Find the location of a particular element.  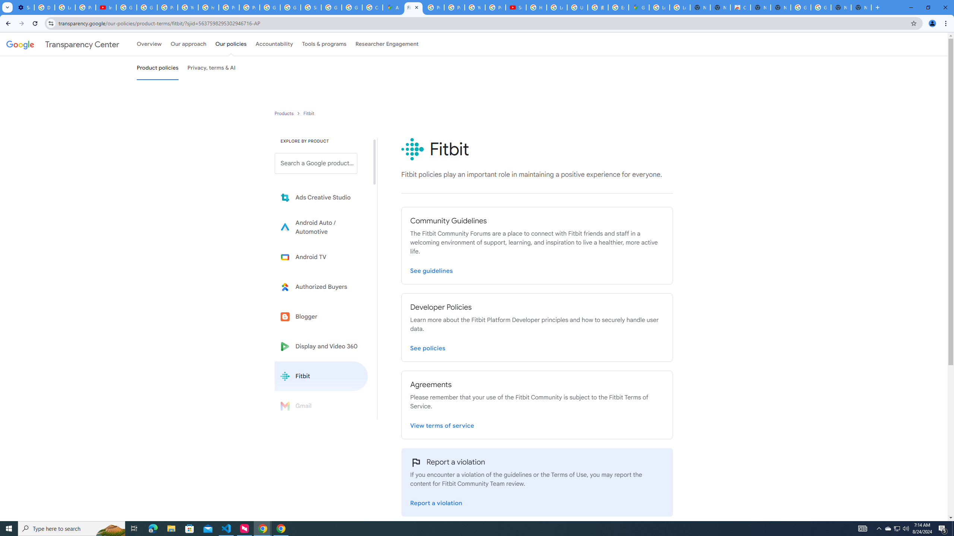

'Learn more about Ads Creative Studio' is located at coordinates (321, 198).